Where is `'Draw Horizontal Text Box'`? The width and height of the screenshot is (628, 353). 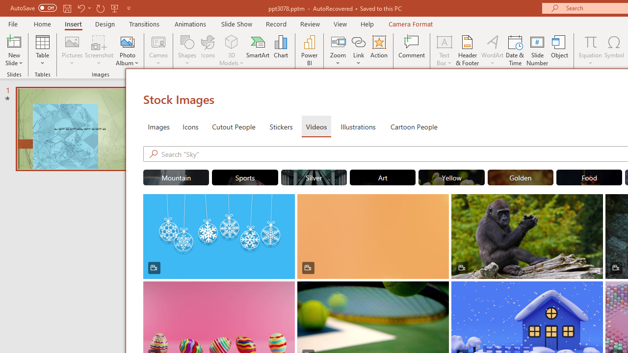 'Draw Horizontal Text Box' is located at coordinates (444, 41).